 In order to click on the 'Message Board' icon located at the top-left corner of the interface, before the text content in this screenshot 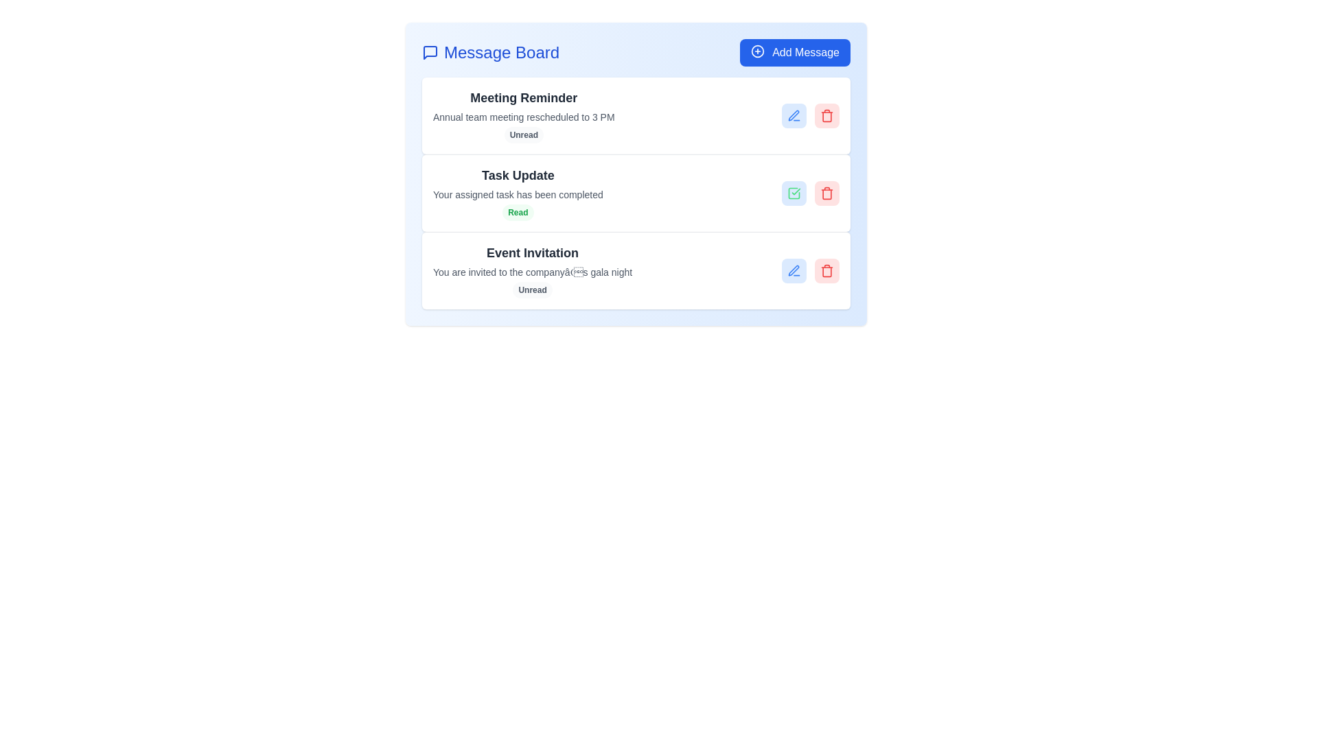, I will do `click(430, 52)`.